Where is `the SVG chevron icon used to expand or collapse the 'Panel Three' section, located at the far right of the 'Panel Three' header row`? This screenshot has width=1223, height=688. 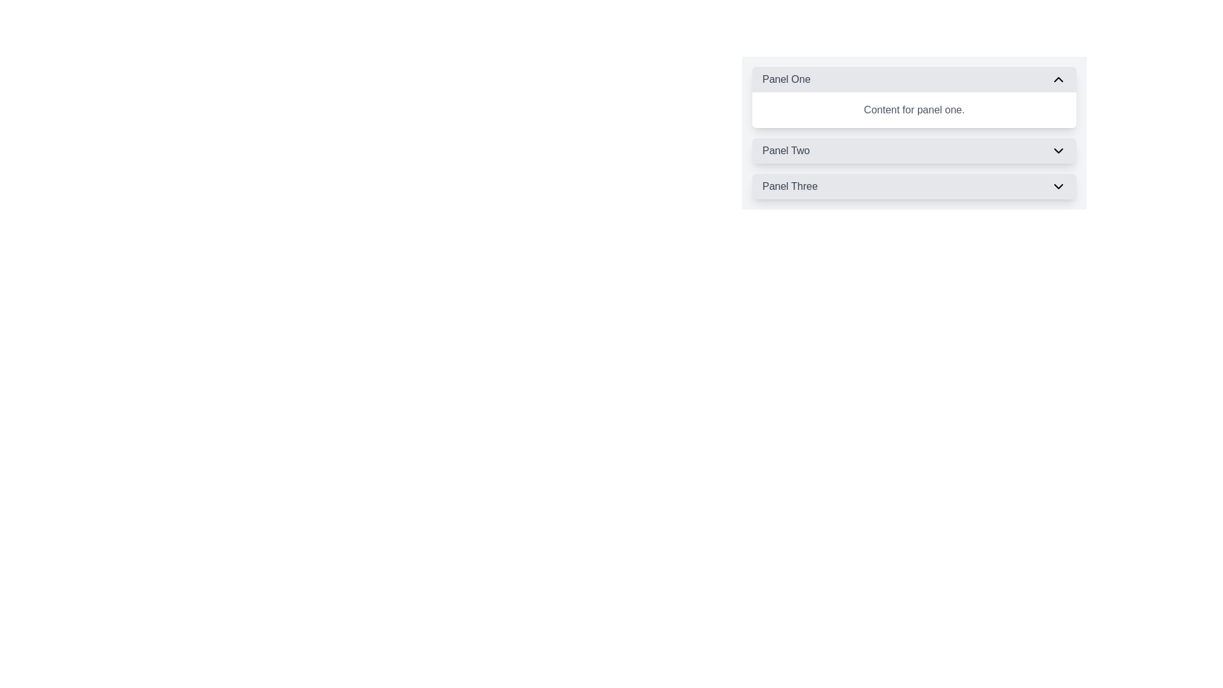
the SVG chevron icon used to expand or collapse the 'Panel Three' section, located at the far right of the 'Panel Three' header row is located at coordinates (1058, 187).